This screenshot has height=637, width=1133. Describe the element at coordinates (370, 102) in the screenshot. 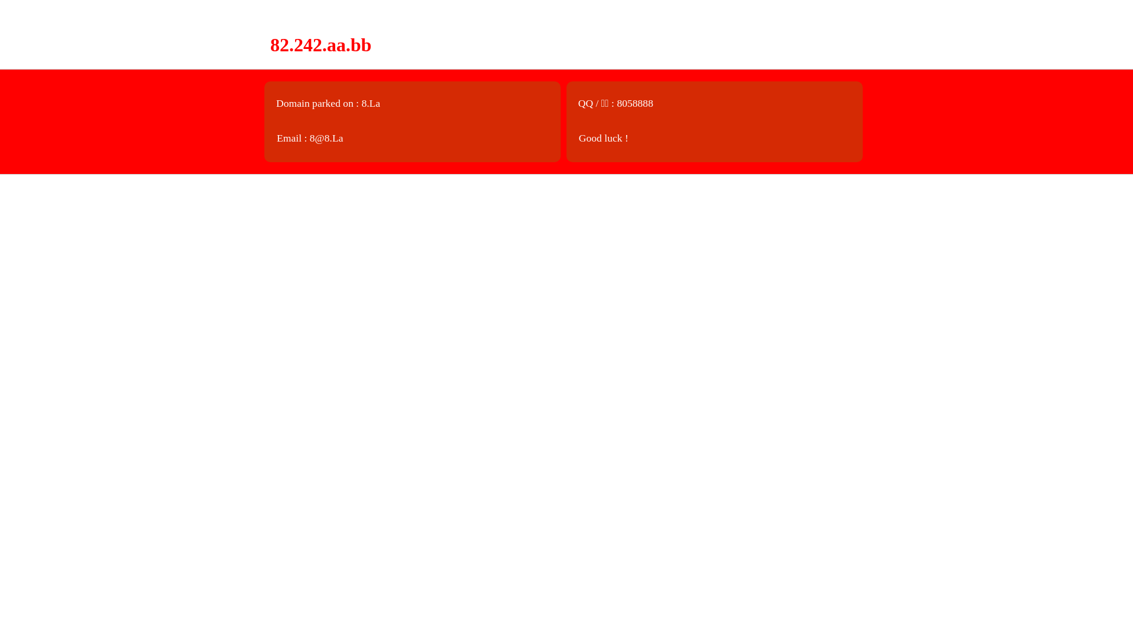

I see `'8.La'` at that location.